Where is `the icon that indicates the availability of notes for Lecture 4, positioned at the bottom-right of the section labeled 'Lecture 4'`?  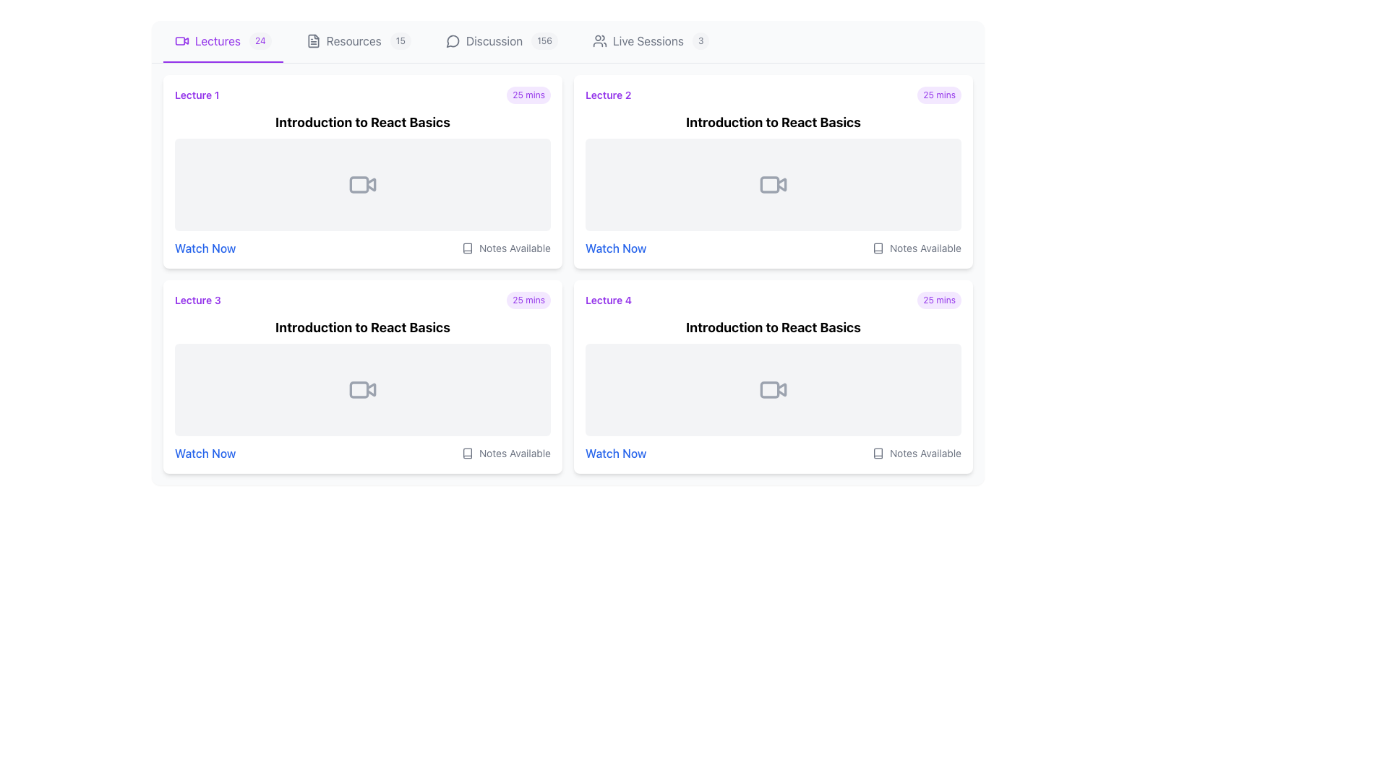 the icon that indicates the availability of notes for Lecture 4, positioned at the bottom-right of the section labeled 'Lecture 4' is located at coordinates (877, 453).